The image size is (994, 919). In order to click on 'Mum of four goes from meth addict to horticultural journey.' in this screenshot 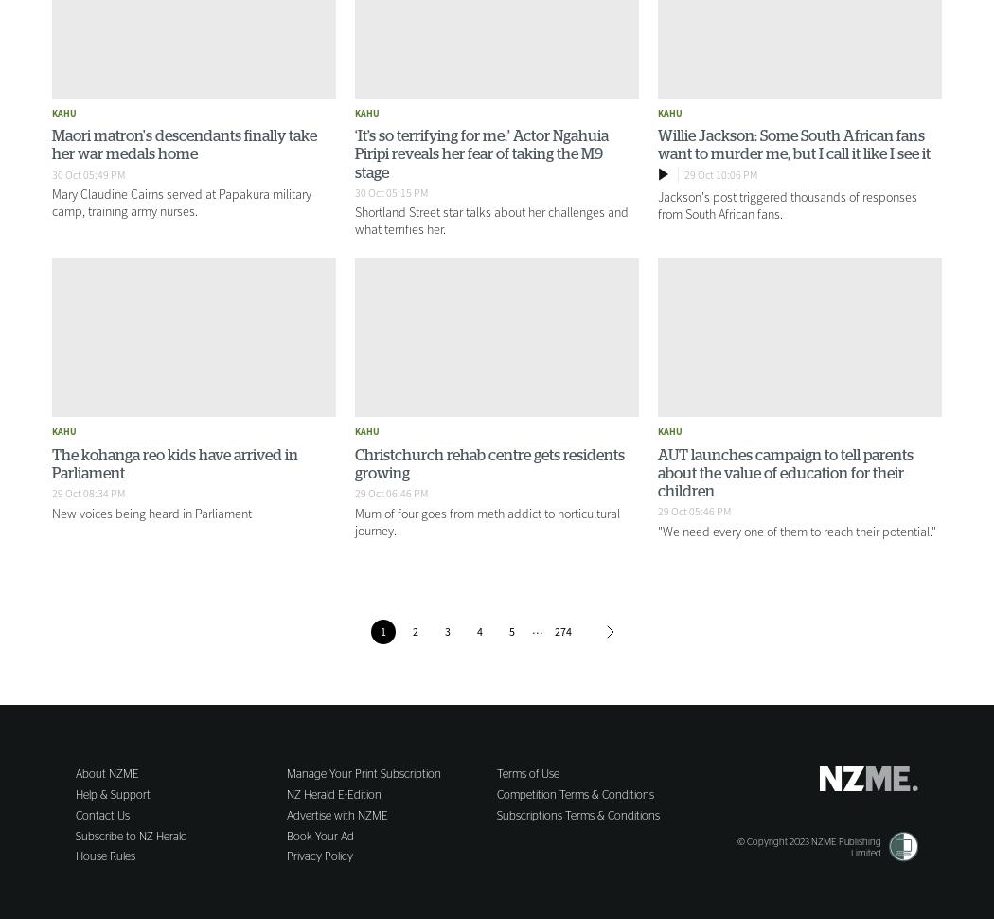, I will do `click(353, 520)`.